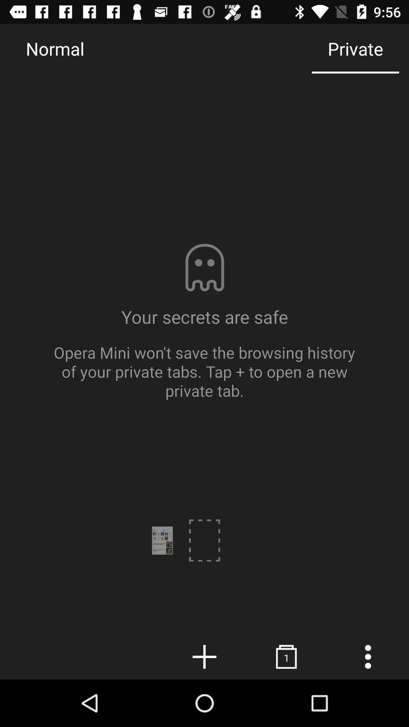 The height and width of the screenshot is (727, 409). Describe the element at coordinates (55, 48) in the screenshot. I see `the icon at the top left corner` at that location.